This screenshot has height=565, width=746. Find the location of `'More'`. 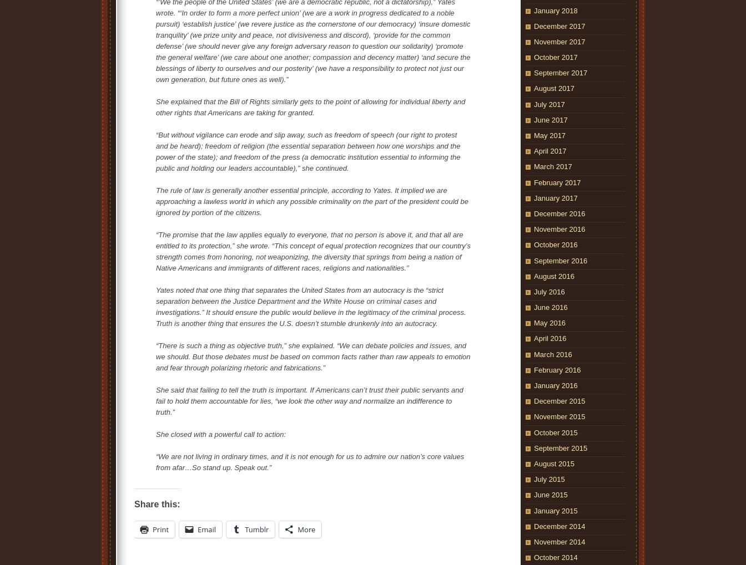

'More' is located at coordinates (306, 528).